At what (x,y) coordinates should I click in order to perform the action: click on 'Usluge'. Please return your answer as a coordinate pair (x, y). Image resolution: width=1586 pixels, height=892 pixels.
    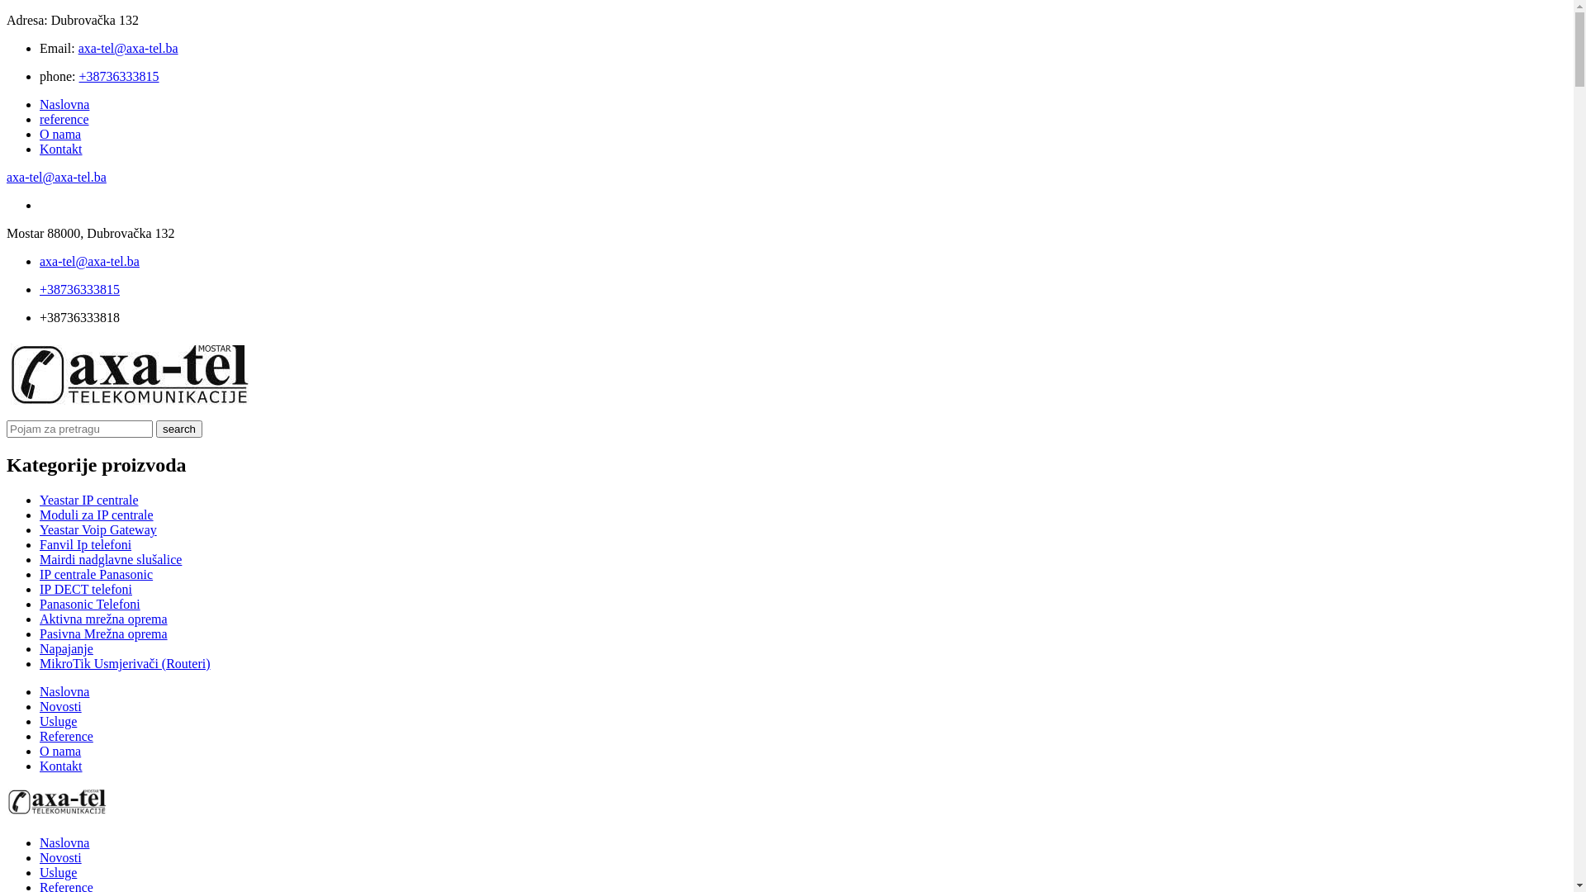
    Looking at the image, I should click on (58, 871).